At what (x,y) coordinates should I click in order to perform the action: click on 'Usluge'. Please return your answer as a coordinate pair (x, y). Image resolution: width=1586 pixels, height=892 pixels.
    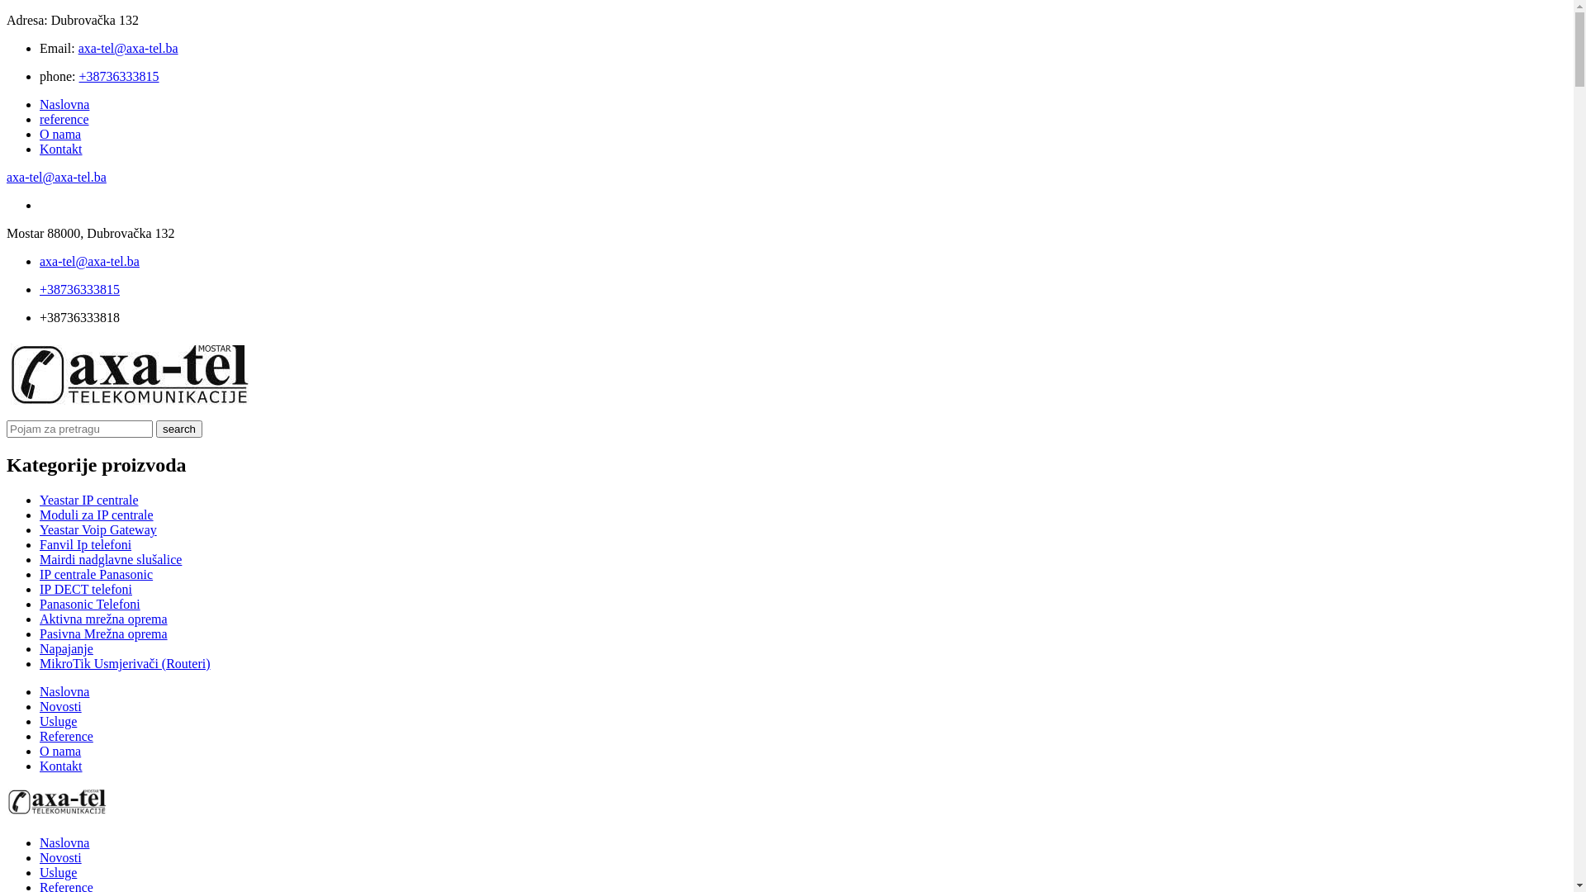
    Looking at the image, I should click on (58, 871).